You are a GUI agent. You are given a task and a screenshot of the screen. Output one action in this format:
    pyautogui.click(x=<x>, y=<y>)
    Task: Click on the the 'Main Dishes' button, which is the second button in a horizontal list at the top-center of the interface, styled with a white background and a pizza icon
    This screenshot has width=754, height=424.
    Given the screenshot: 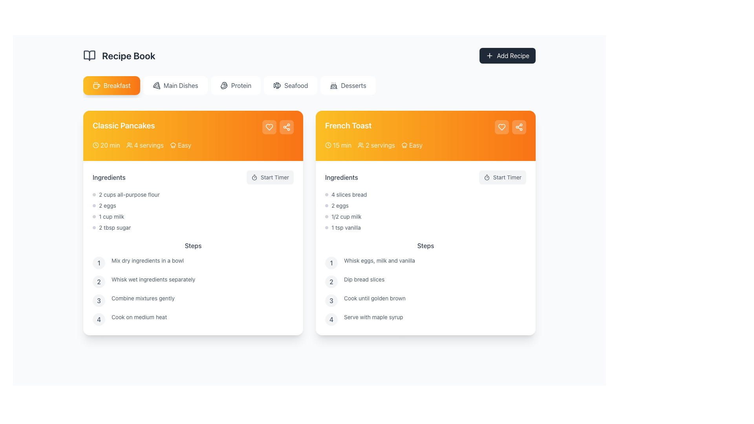 What is the action you would take?
    pyautogui.click(x=175, y=86)
    